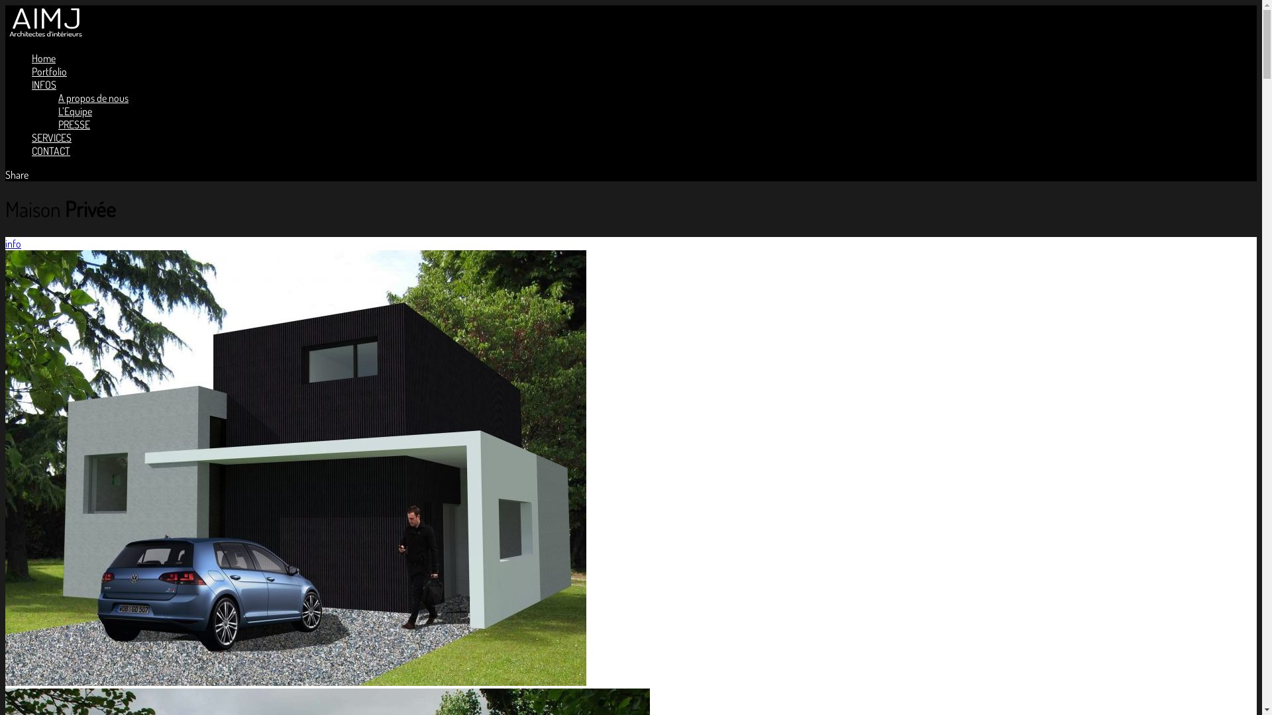 Image resolution: width=1272 pixels, height=715 pixels. What do you see at coordinates (49, 71) in the screenshot?
I see `'Portfolio'` at bounding box center [49, 71].